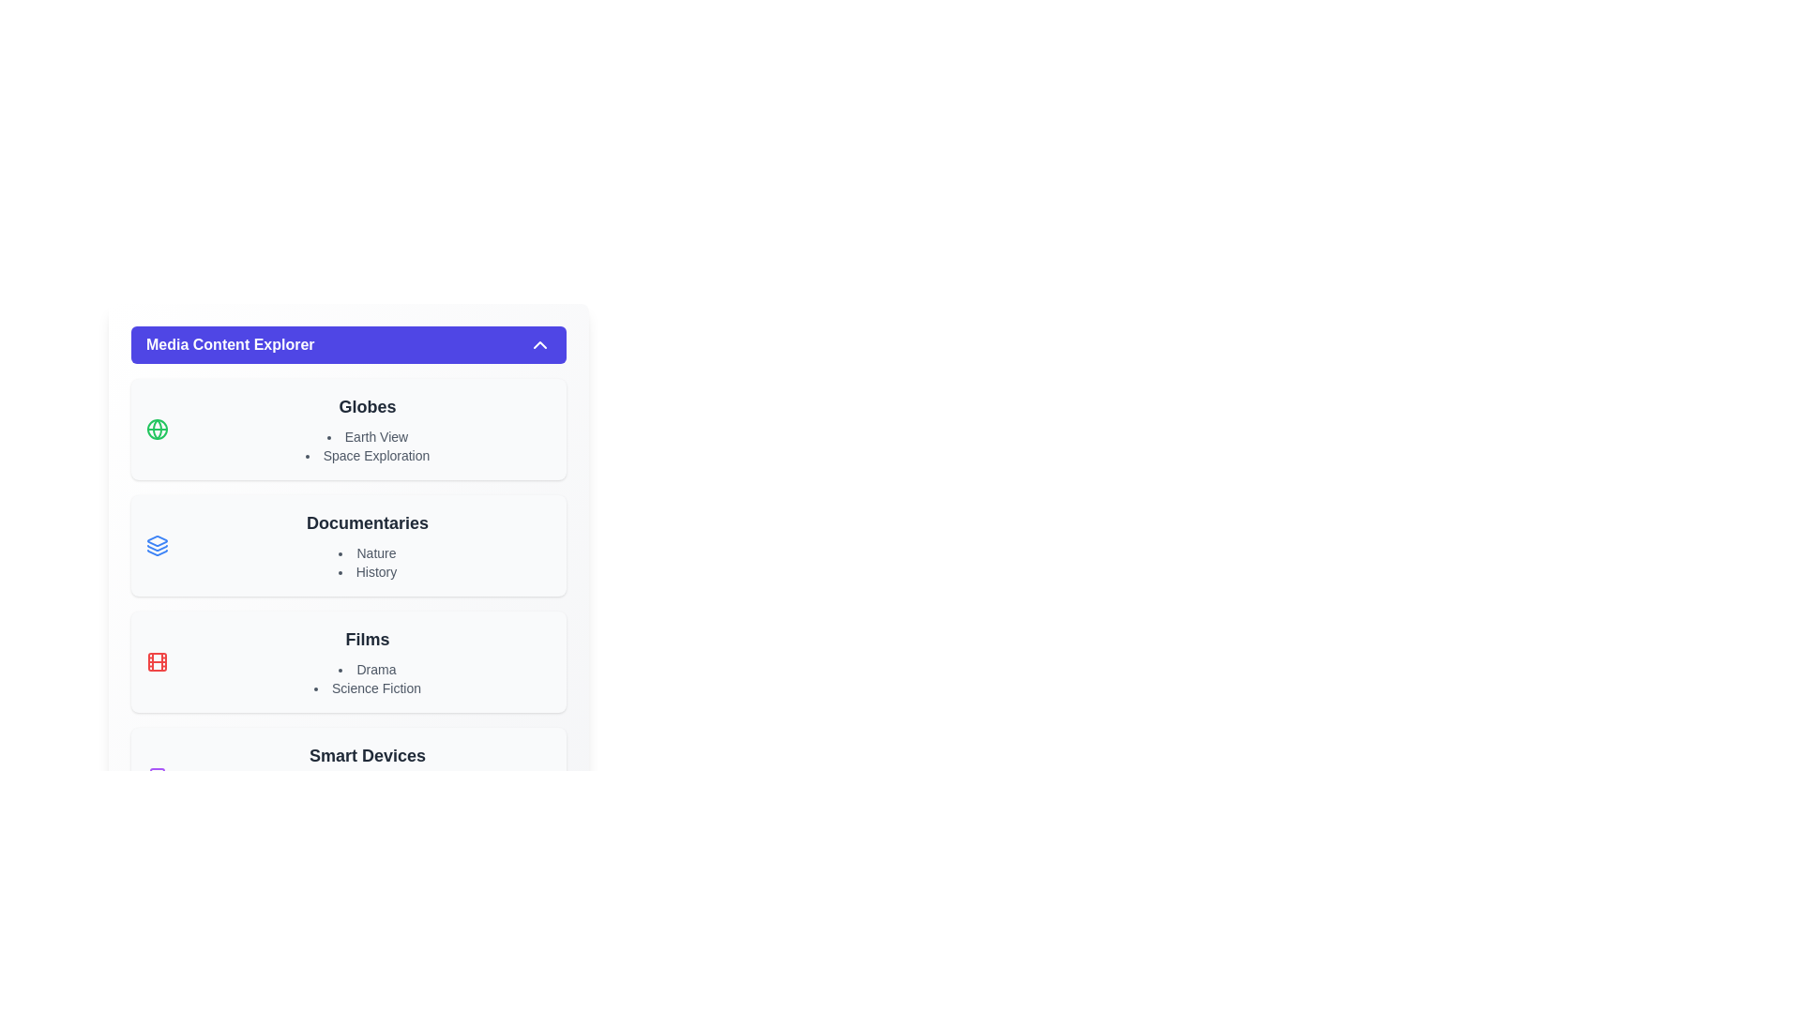 The width and height of the screenshot is (1801, 1013). Describe the element at coordinates (368, 570) in the screenshot. I see `the 'History' list item in the 'Documentaries' section` at that location.